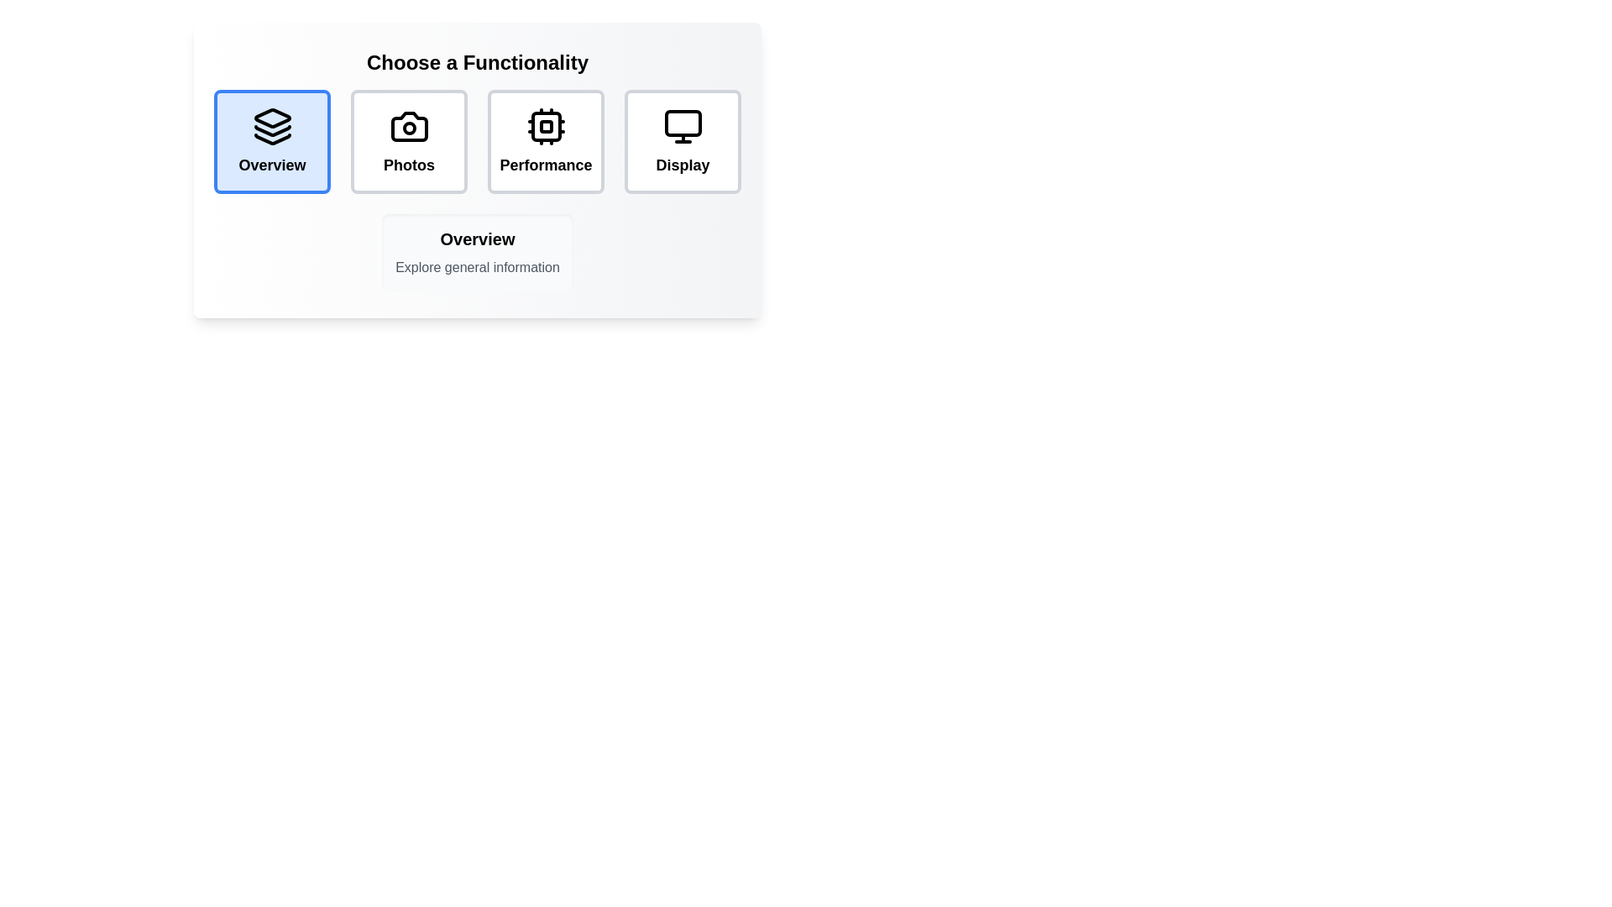 Image resolution: width=1612 pixels, height=907 pixels. What do you see at coordinates (409, 125) in the screenshot?
I see `the photo management icon located in the upper section of the 'Photos' UI card, which is the second card from the left in a horizontal row of four cards` at bounding box center [409, 125].